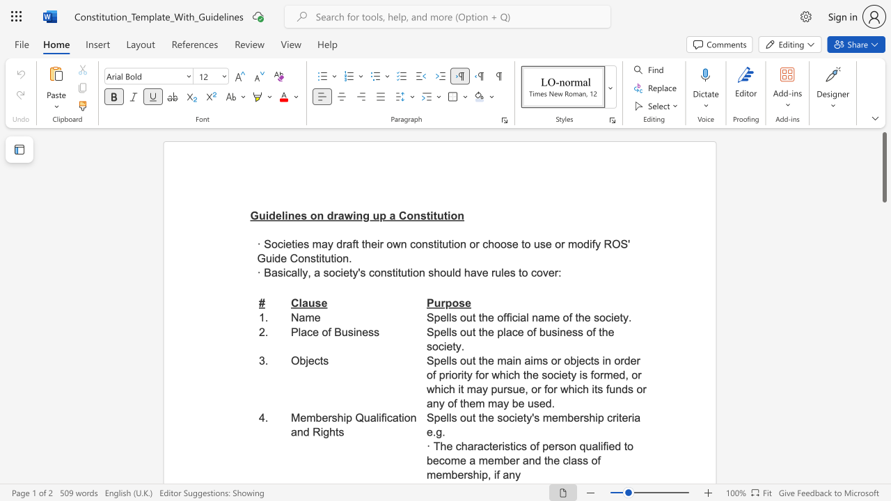  Describe the element at coordinates (883, 250) in the screenshot. I see `the scrollbar on the right to move the page downward` at that location.